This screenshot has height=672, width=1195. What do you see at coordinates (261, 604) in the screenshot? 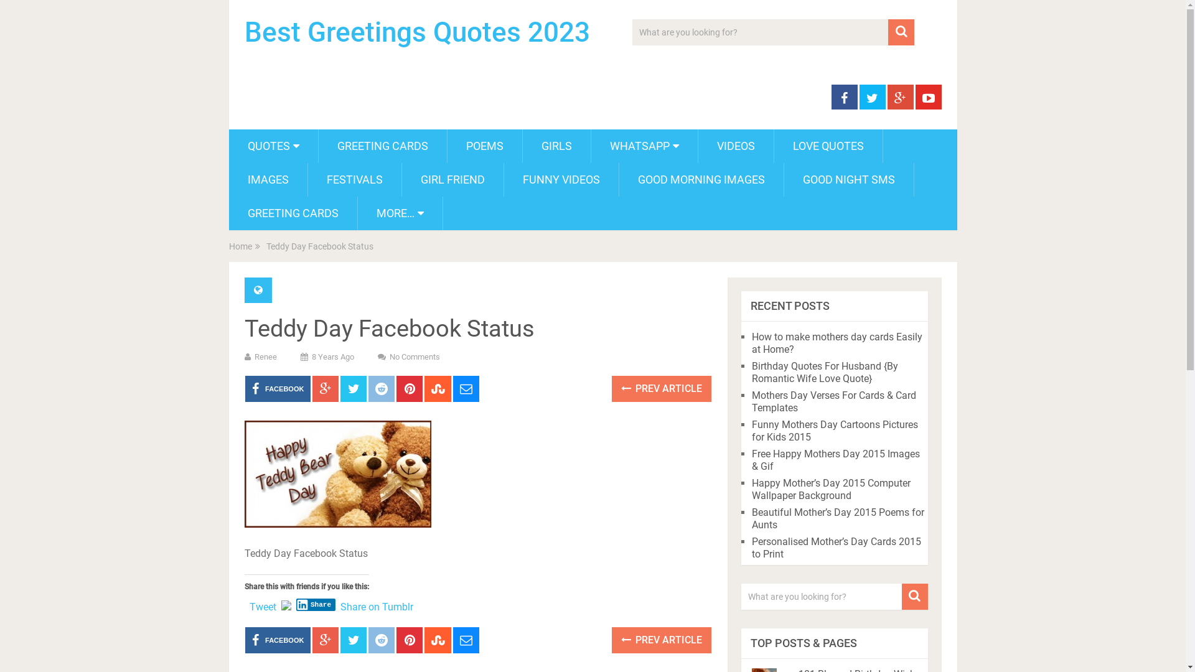
I see `'Tweet'` at bounding box center [261, 604].